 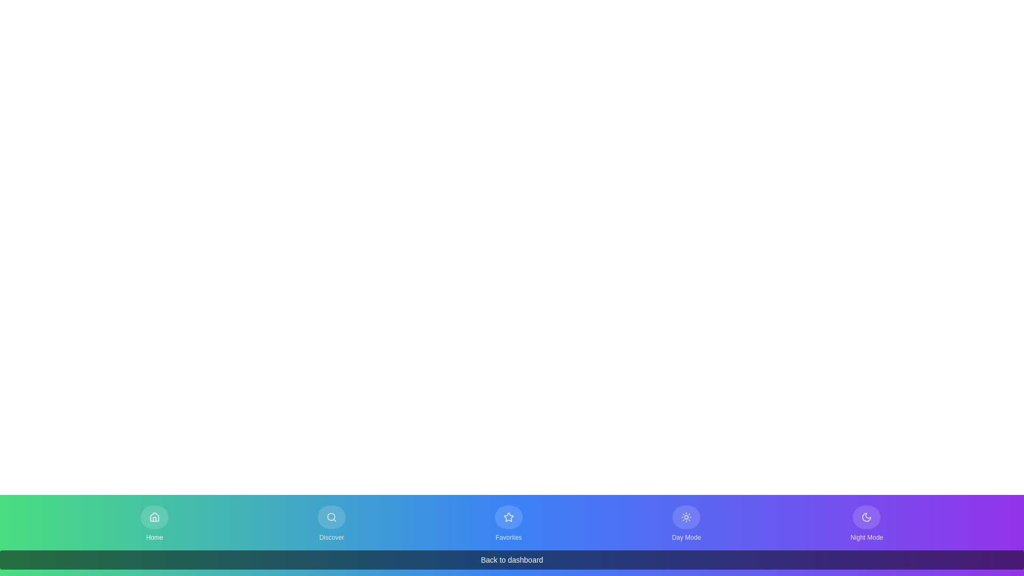 What do you see at coordinates (331, 523) in the screenshot?
I see `the button labeled Discover to observe its hover state change` at bounding box center [331, 523].